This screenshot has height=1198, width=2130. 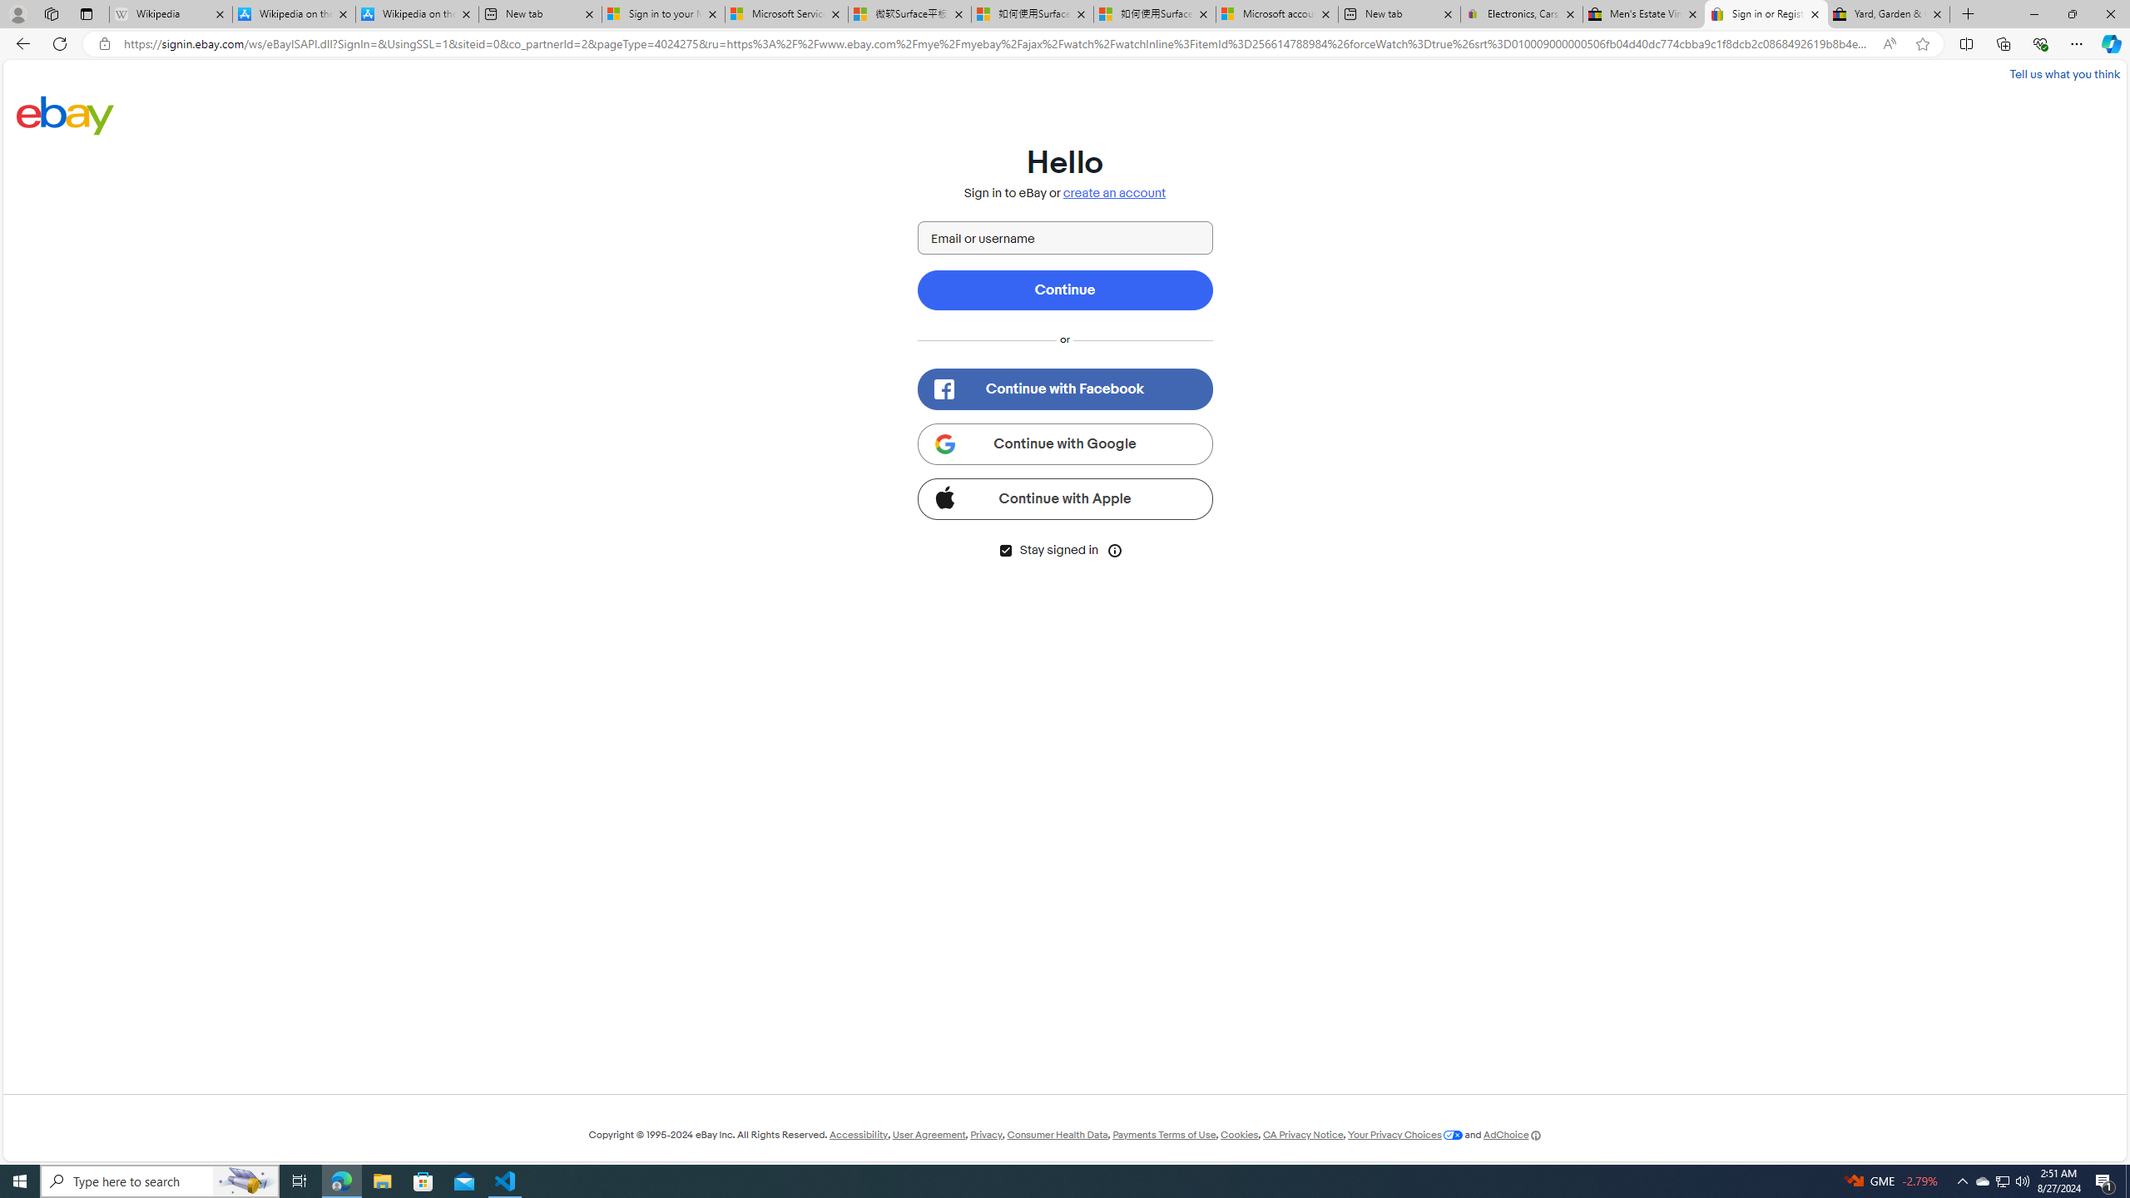 I want to click on 'Sign in to your Microsoft account', so click(x=662, y=13).